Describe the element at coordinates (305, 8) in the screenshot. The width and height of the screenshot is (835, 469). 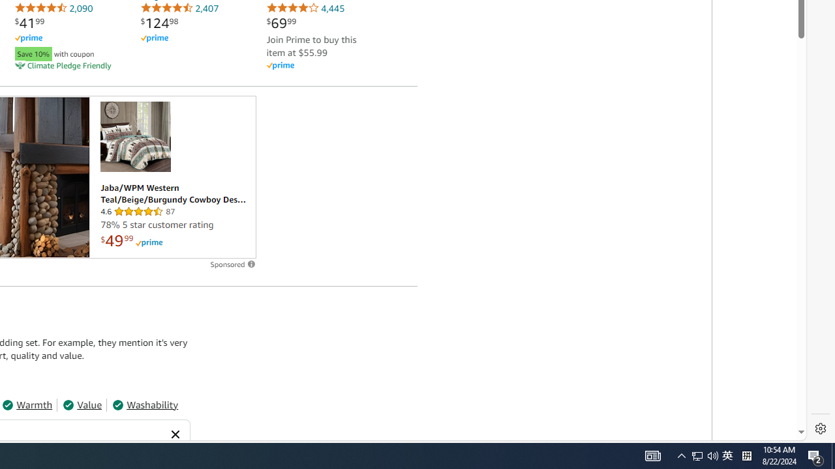
I see `'4,445'` at that location.